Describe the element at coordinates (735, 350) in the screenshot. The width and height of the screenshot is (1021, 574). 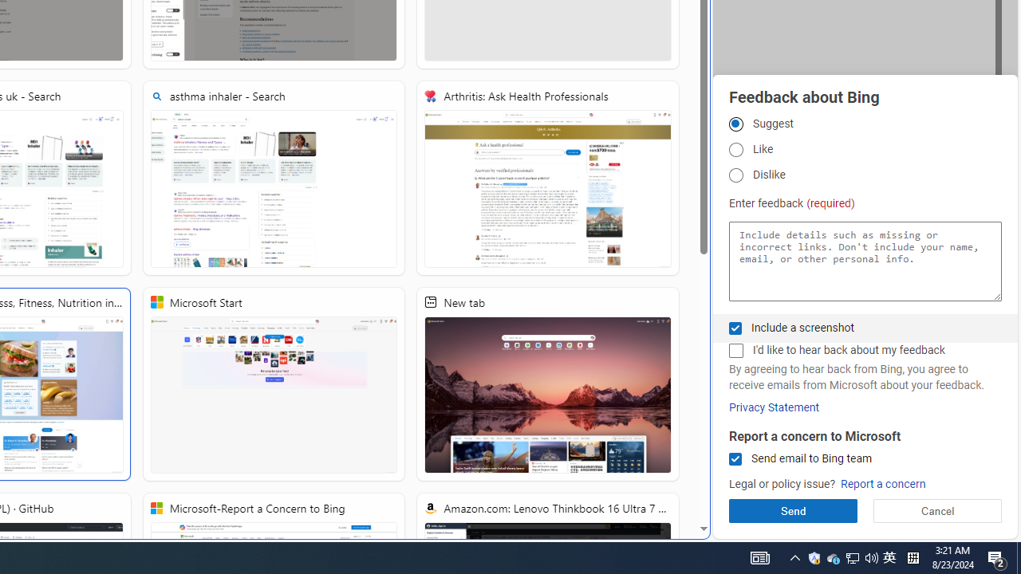
I see `'I'` at that location.